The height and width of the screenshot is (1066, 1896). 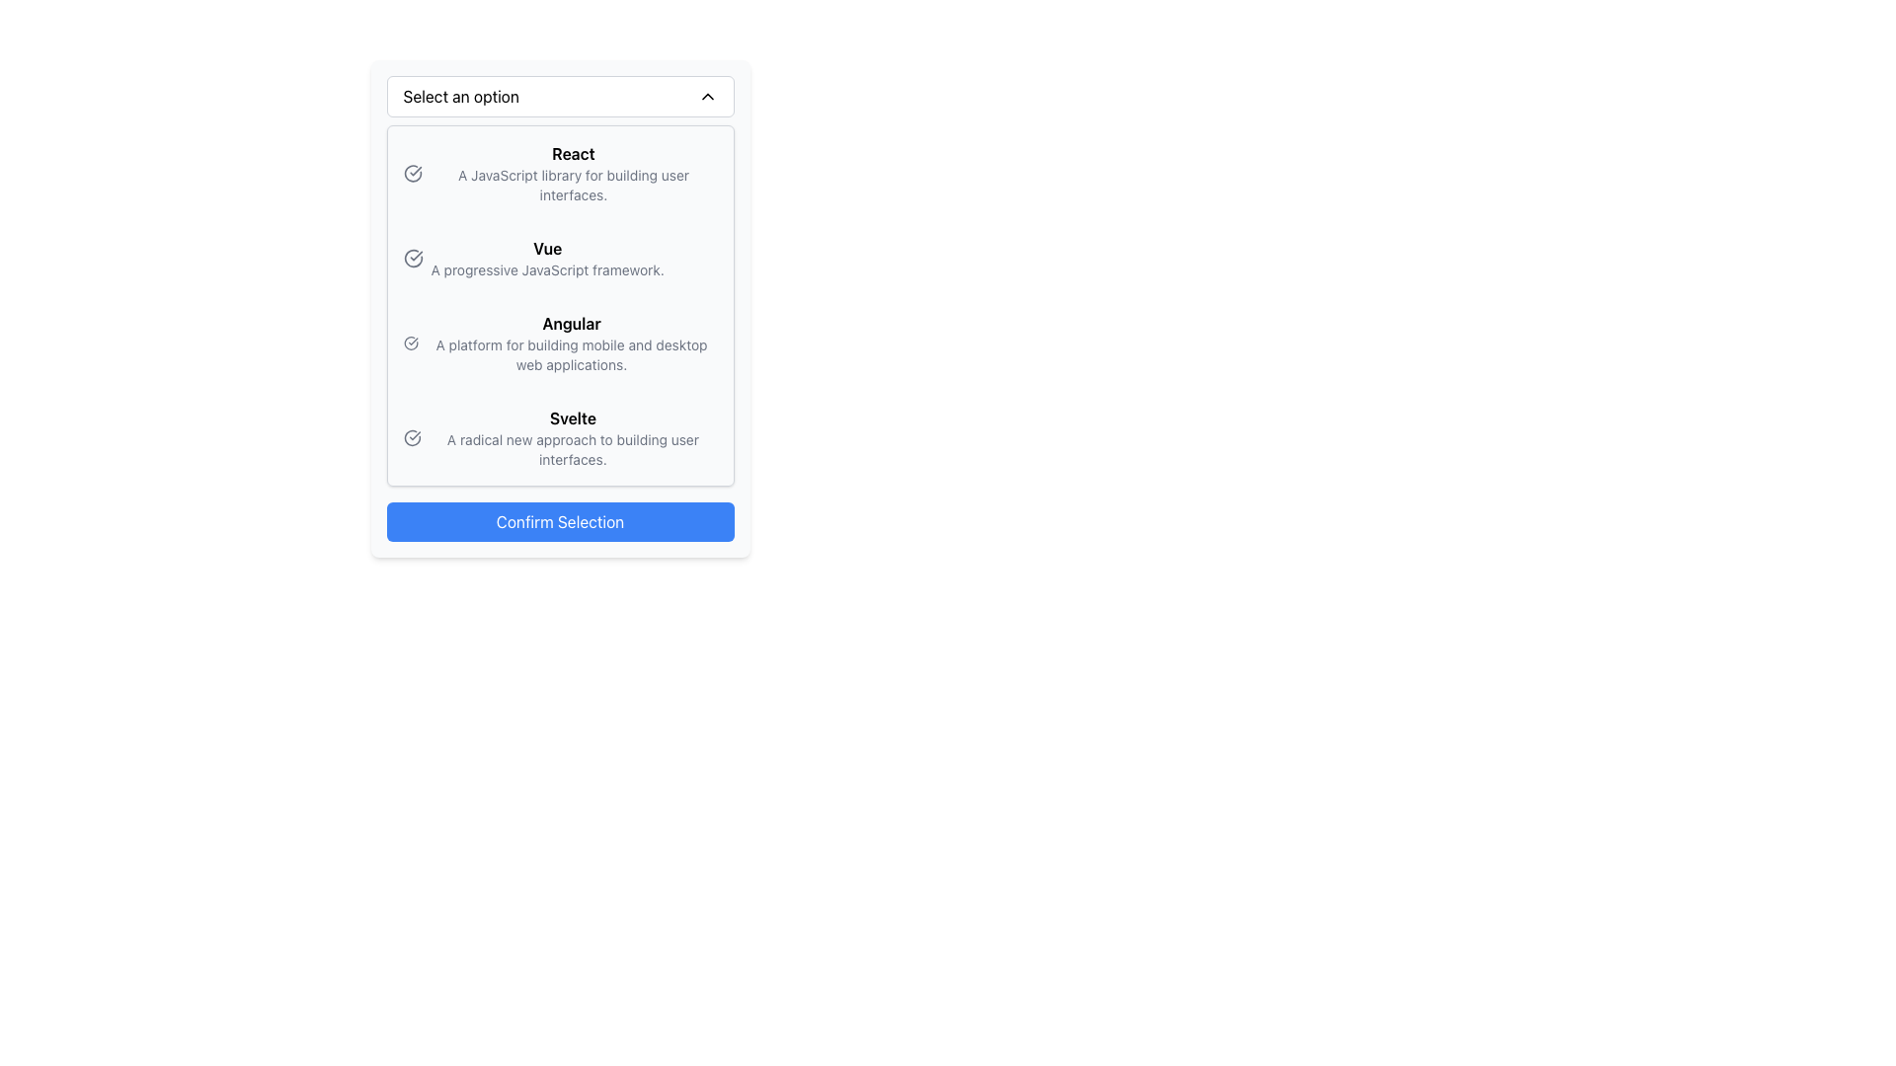 What do you see at coordinates (559, 258) in the screenshot?
I see `the second card in the vertical selectable list for 'Vue'` at bounding box center [559, 258].